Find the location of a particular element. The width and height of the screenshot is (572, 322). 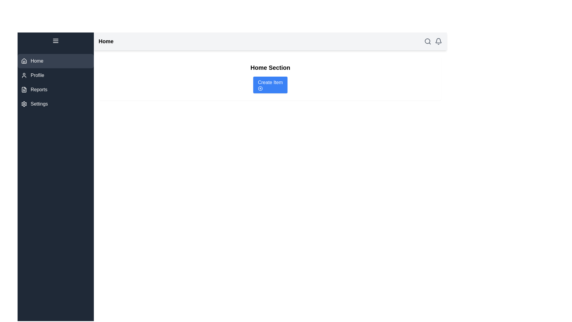

the 'Profile' navigation button located below the 'Home' button and above the 'Reports' button in the vertical navigation panel by is located at coordinates (56, 75).